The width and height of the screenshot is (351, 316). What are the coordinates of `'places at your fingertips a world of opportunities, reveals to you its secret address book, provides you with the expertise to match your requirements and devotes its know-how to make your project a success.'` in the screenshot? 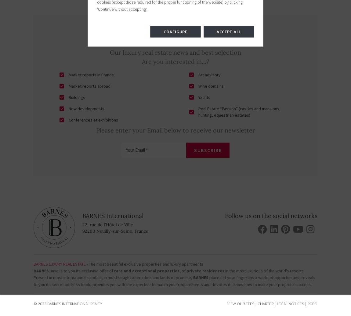 It's located at (174, 281).